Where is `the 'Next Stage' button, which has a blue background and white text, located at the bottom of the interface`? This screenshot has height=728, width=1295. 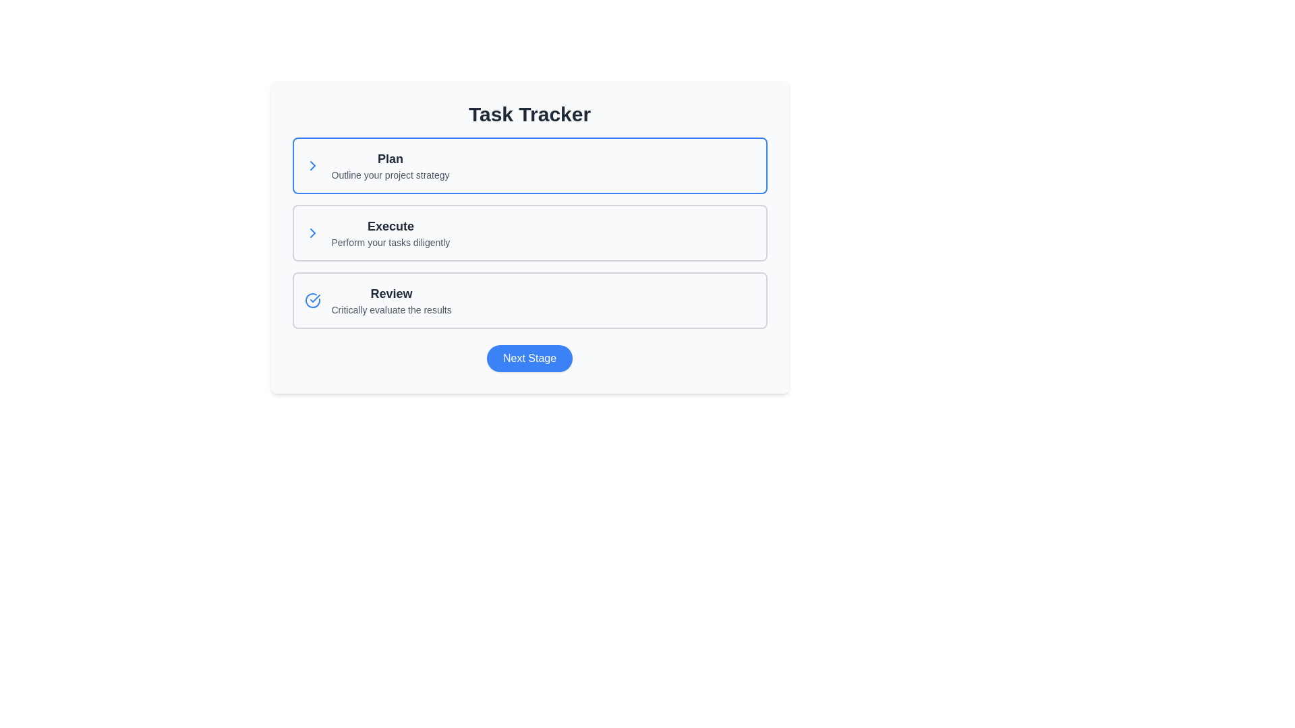
the 'Next Stage' button, which has a blue background and white text, located at the bottom of the interface is located at coordinates (529, 358).